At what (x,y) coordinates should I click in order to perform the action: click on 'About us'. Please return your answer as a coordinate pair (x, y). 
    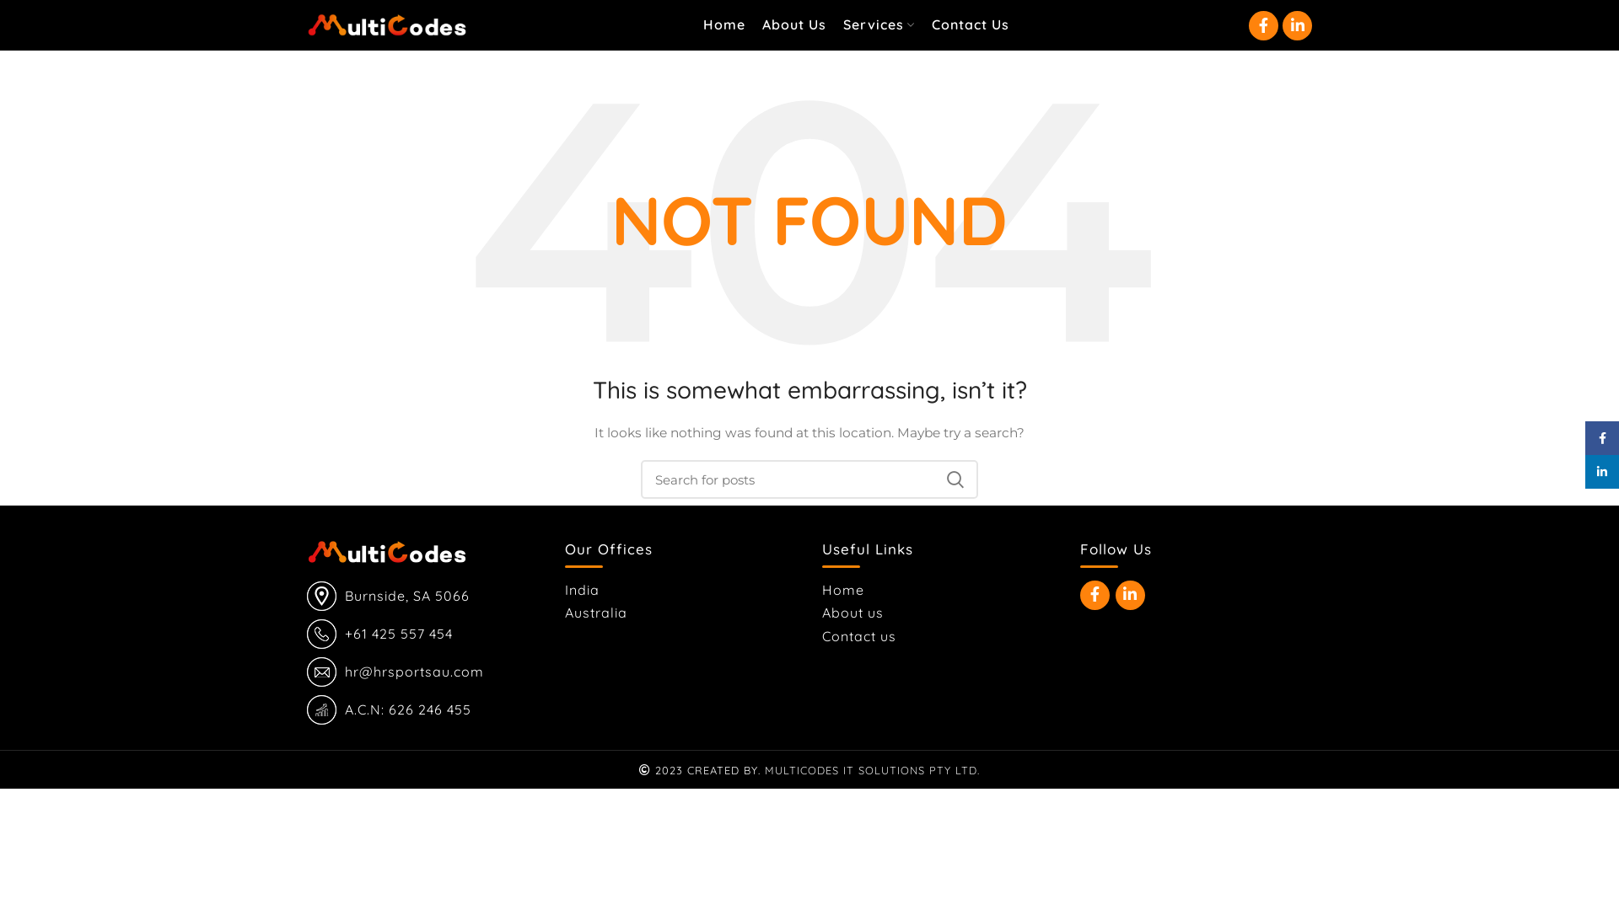
    Looking at the image, I should click on (853, 612).